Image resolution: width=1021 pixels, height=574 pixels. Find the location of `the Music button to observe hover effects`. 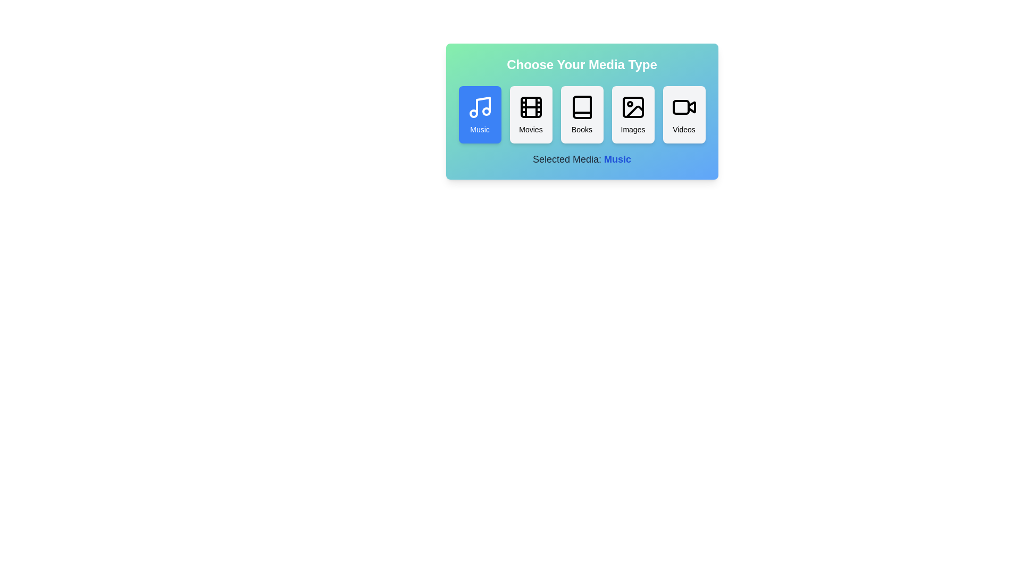

the Music button to observe hover effects is located at coordinates (479, 115).